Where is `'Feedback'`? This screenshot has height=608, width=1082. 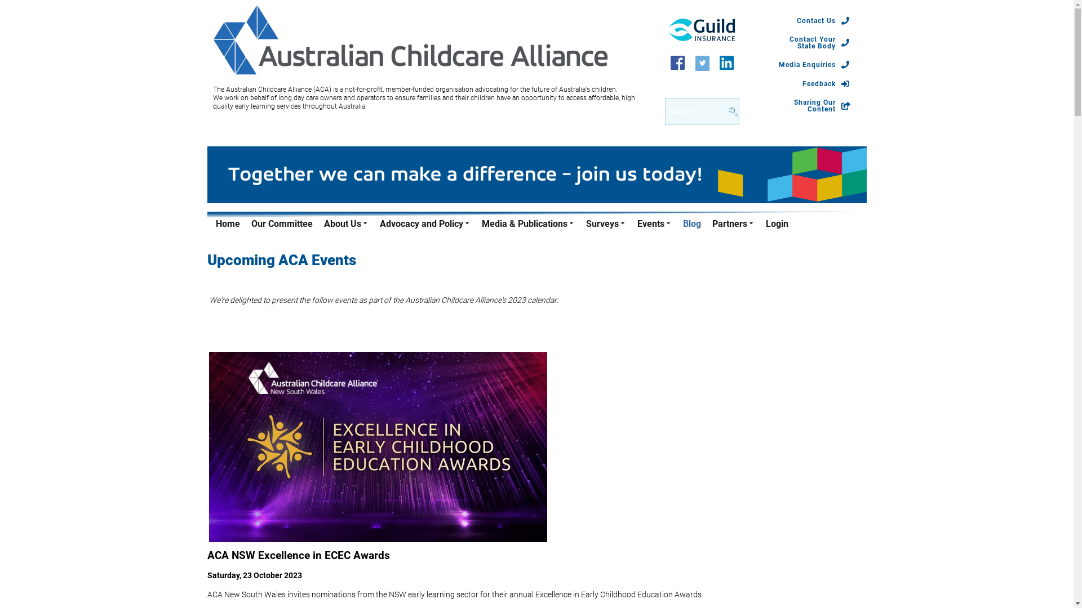 'Feedback' is located at coordinates (826, 83).